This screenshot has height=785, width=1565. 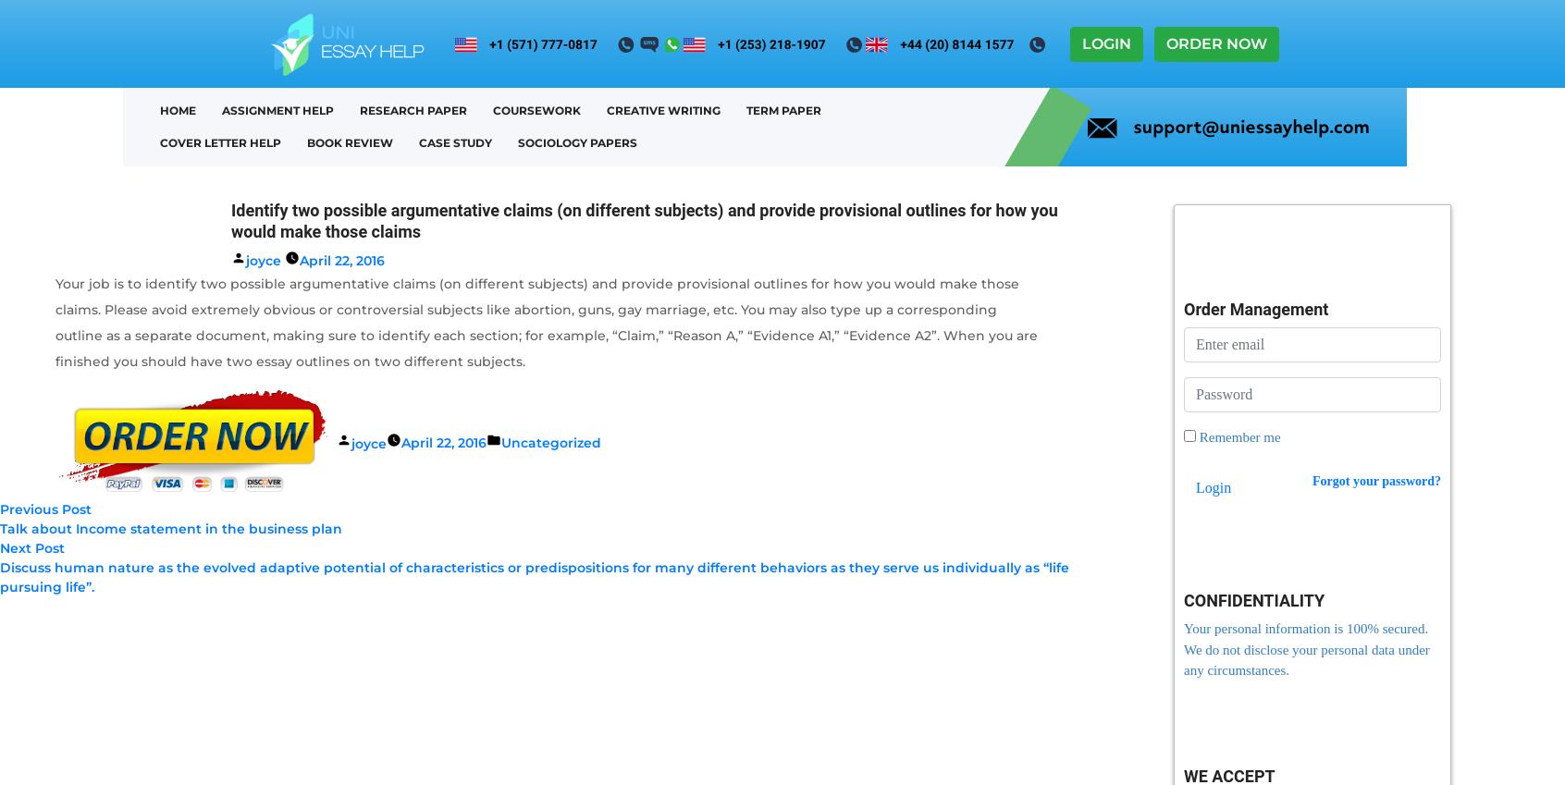 What do you see at coordinates (1237, 435) in the screenshot?
I see `'Remember me'` at bounding box center [1237, 435].